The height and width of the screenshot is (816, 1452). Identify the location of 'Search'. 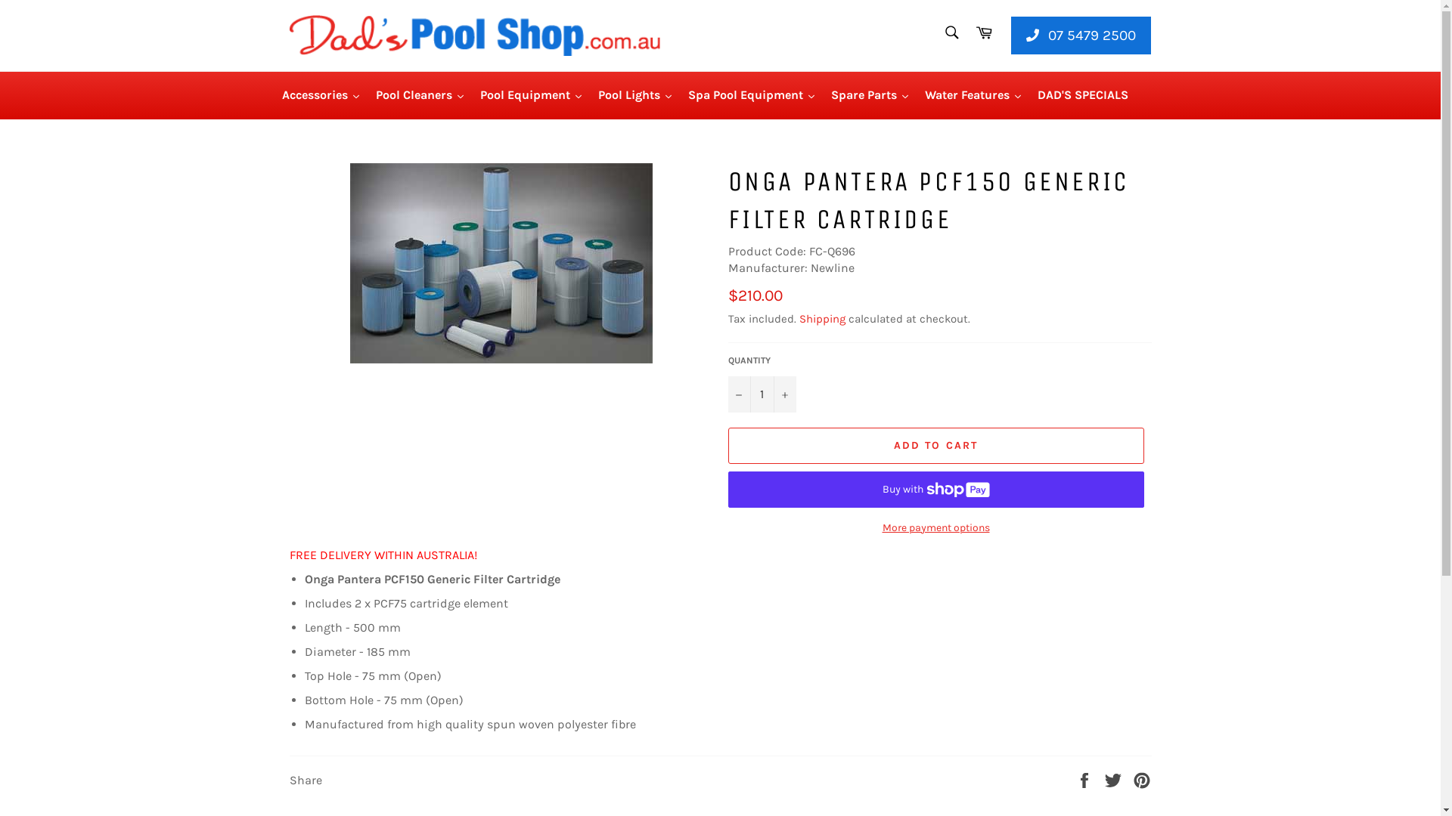
(950, 32).